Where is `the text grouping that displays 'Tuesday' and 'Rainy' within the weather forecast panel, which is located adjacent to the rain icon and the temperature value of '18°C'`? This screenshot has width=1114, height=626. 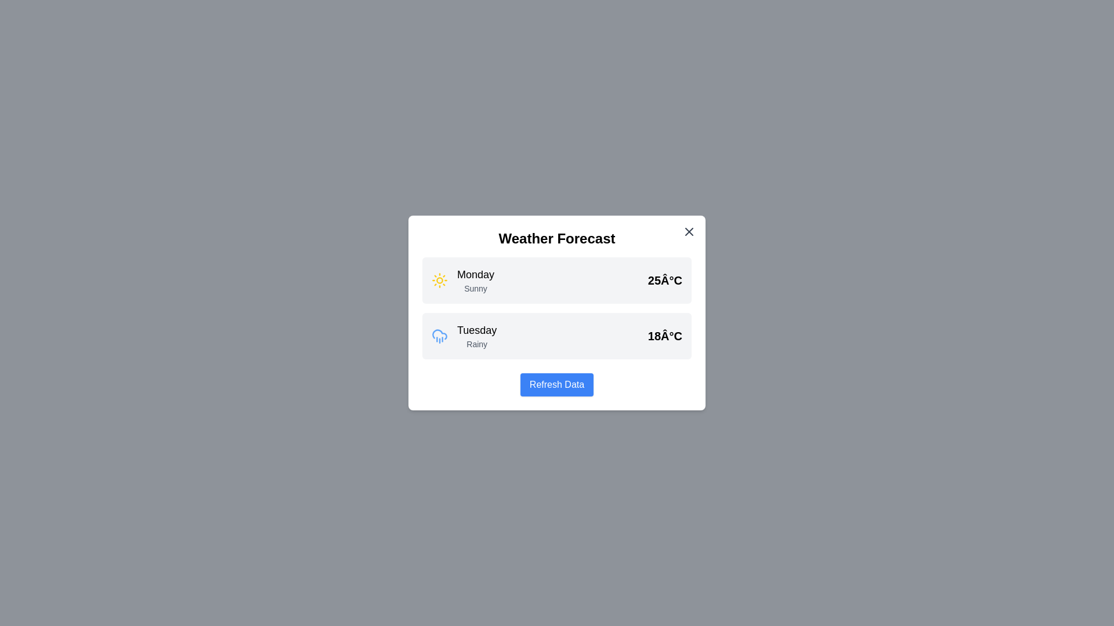
the text grouping that displays 'Tuesday' and 'Rainy' within the weather forecast panel, which is located adjacent to the rain icon and the temperature value of '18°C' is located at coordinates (477, 336).